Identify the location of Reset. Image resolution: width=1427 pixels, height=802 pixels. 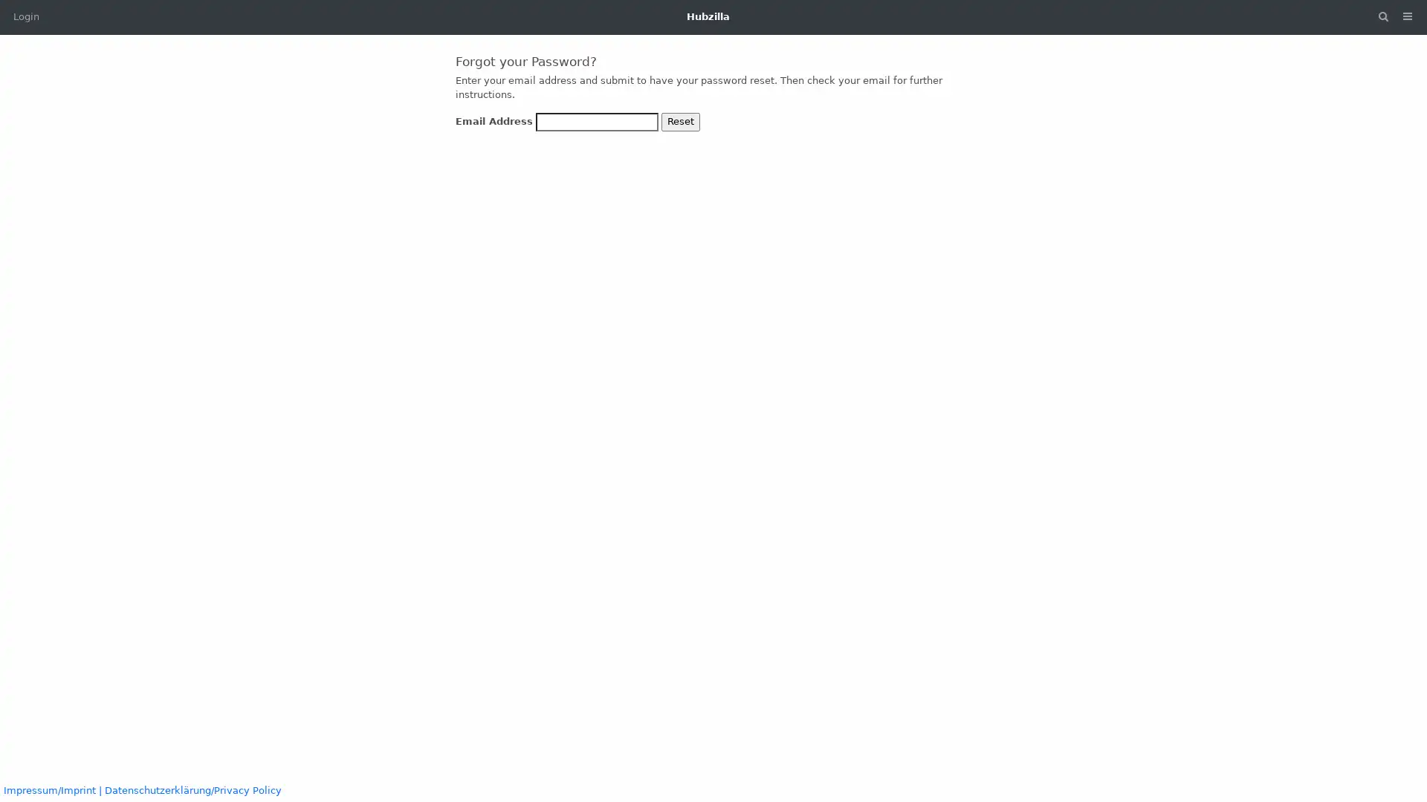
(680, 120).